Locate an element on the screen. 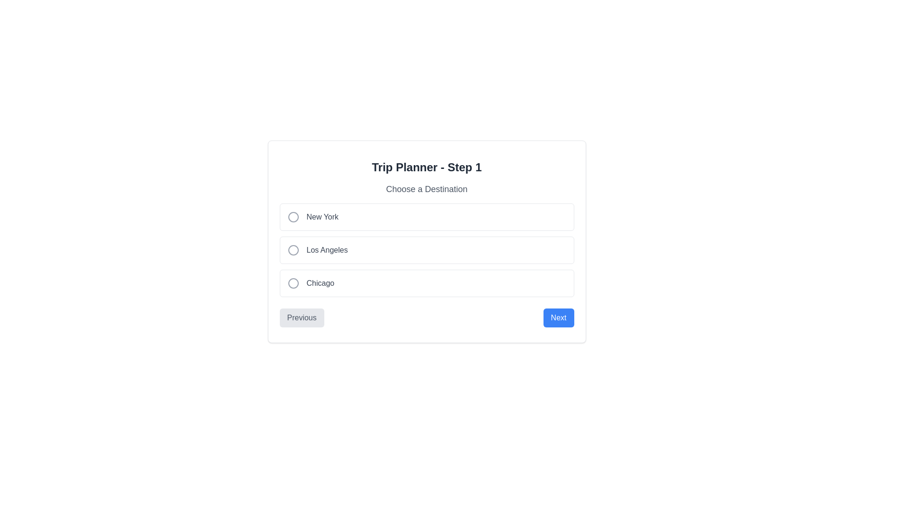  the 'Previous' button located at the bottom left of the form is located at coordinates (301, 317).